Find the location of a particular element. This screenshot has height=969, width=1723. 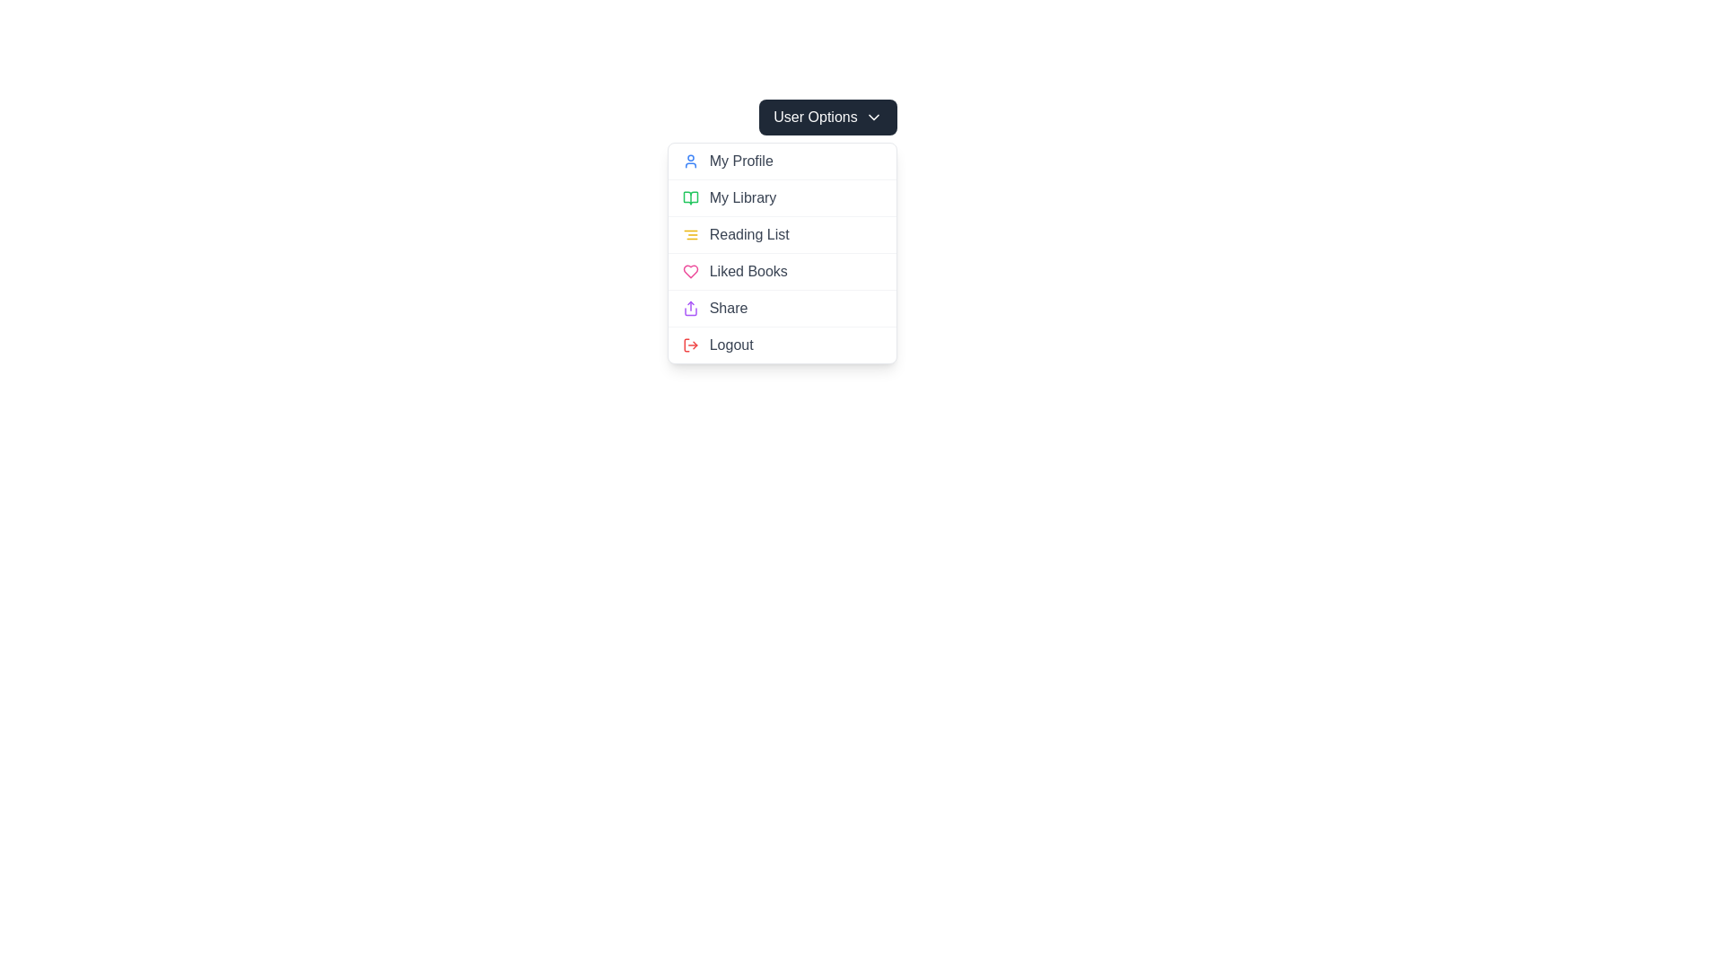

the yellow icon resembling three horizontal aligned lines located to the left of the 'Reading List' text in the dropdown menu is located at coordinates (689, 234).